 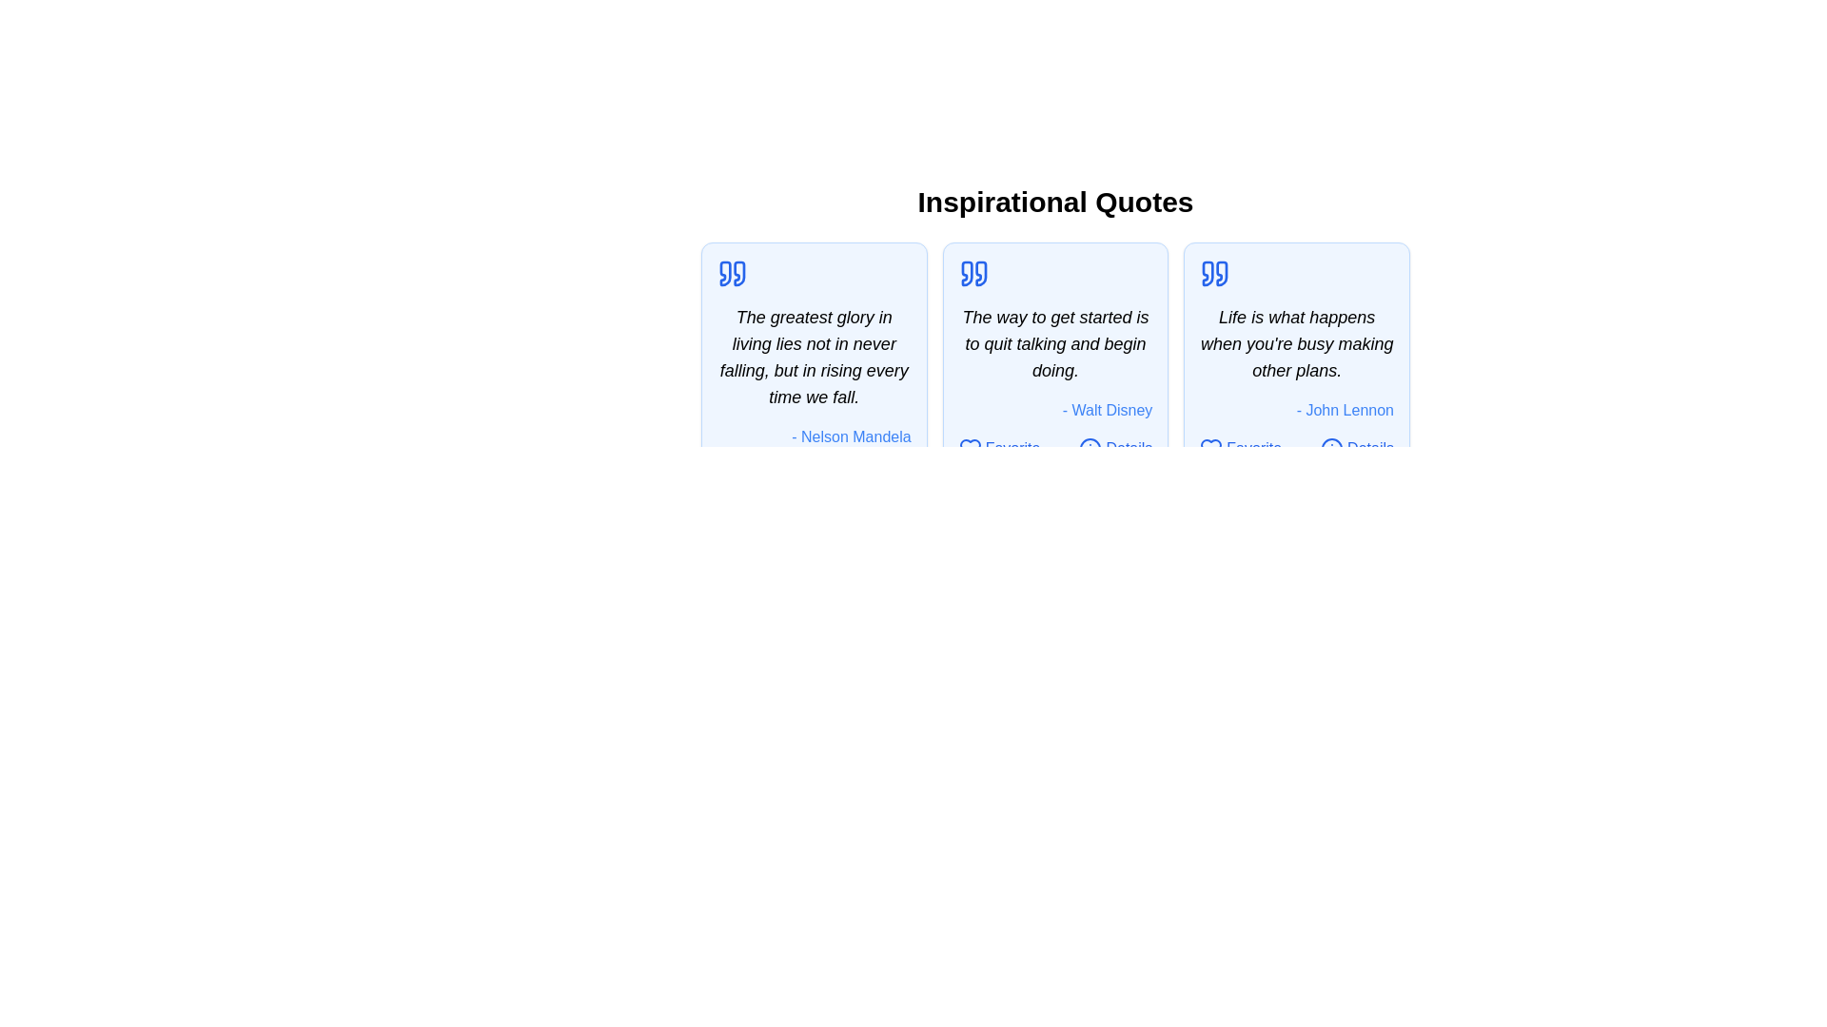 I want to click on the SVG Circle element that is part of the 'Details' button in the third column of the card layout displaying inspirational quotes, so click(x=1331, y=448).